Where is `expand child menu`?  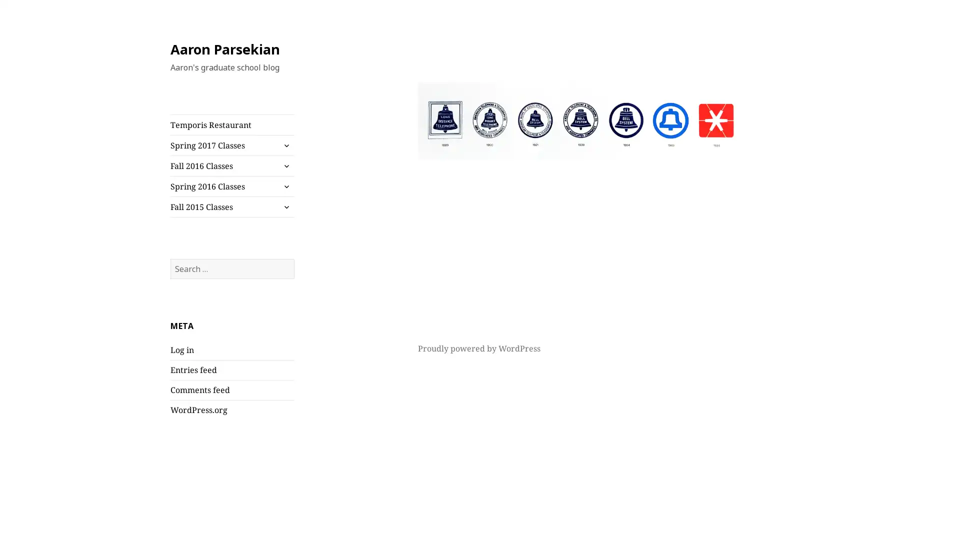
expand child menu is located at coordinates (285, 145).